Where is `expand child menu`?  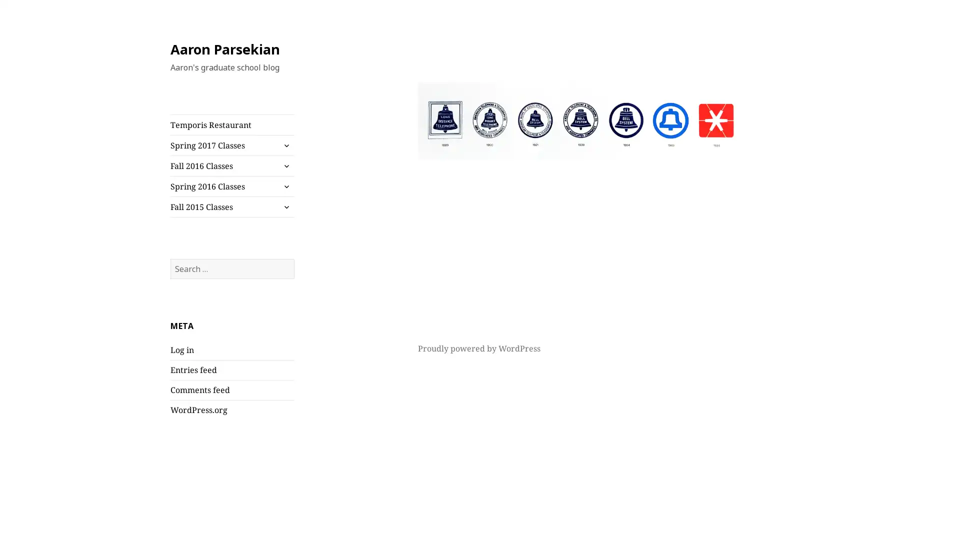
expand child menu is located at coordinates (285, 145).